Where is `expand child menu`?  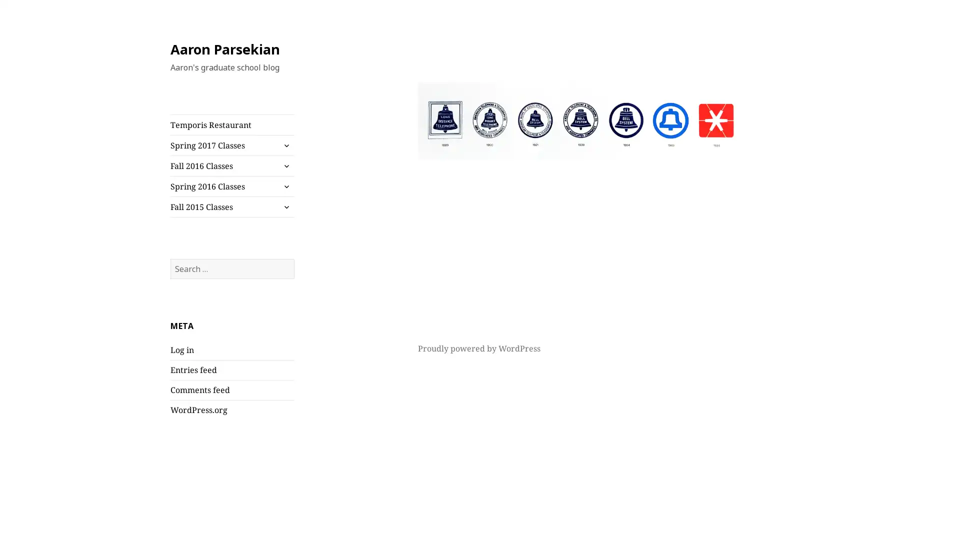
expand child menu is located at coordinates (285, 145).